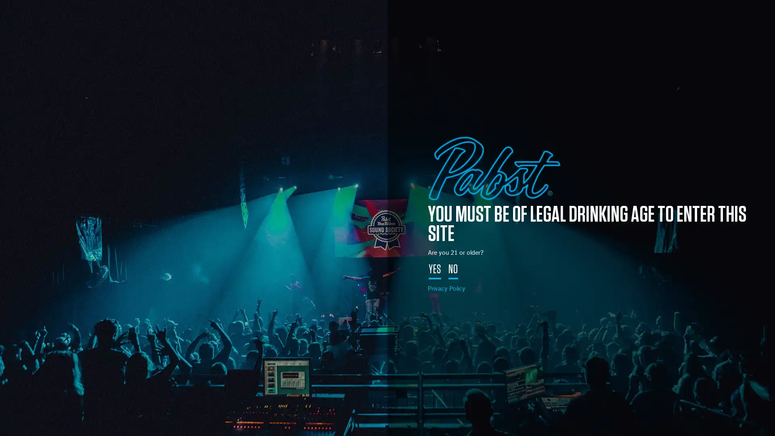 The height and width of the screenshot is (436, 775). What do you see at coordinates (434, 270) in the screenshot?
I see `YES` at bounding box center [434, 270].